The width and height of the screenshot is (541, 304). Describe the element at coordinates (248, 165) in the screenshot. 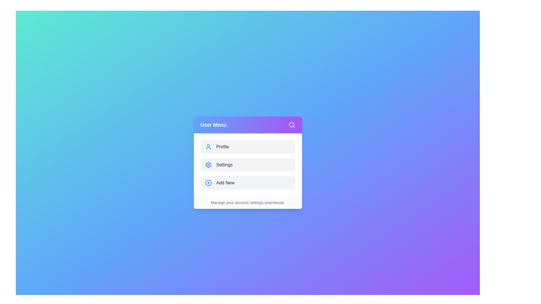

I see `the Settings button to observe its hover effect` at that location.